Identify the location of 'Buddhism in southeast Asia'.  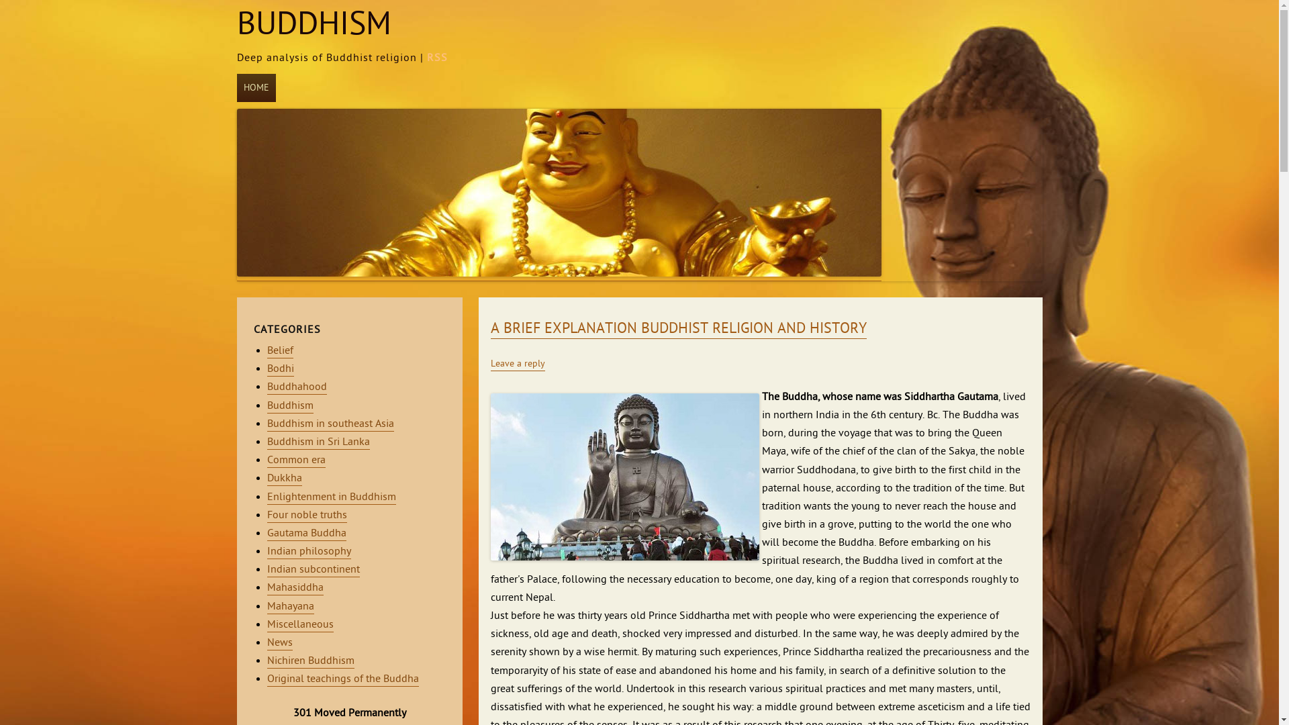
(330, 424).